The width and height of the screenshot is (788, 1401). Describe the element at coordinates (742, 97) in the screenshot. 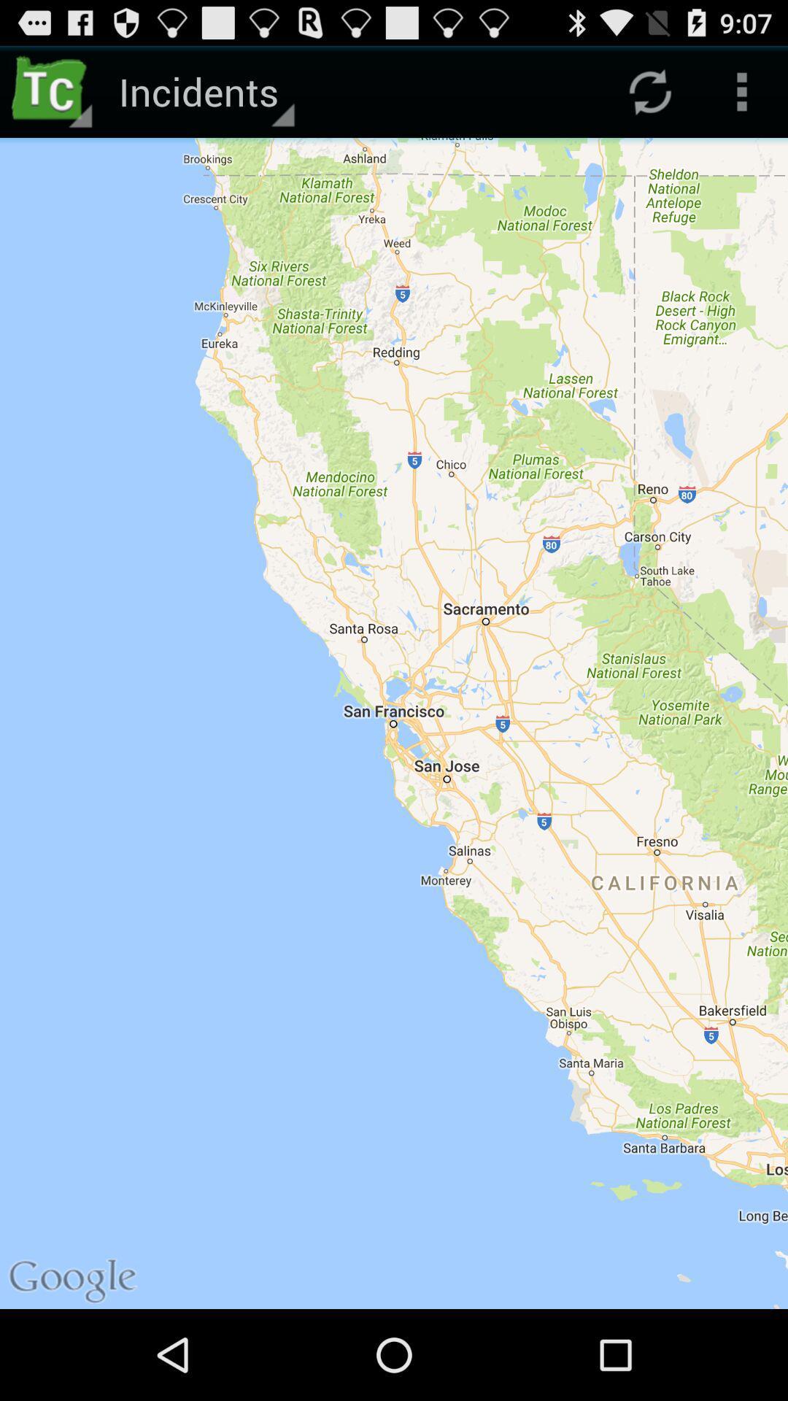

I see `the more icon` at that location.